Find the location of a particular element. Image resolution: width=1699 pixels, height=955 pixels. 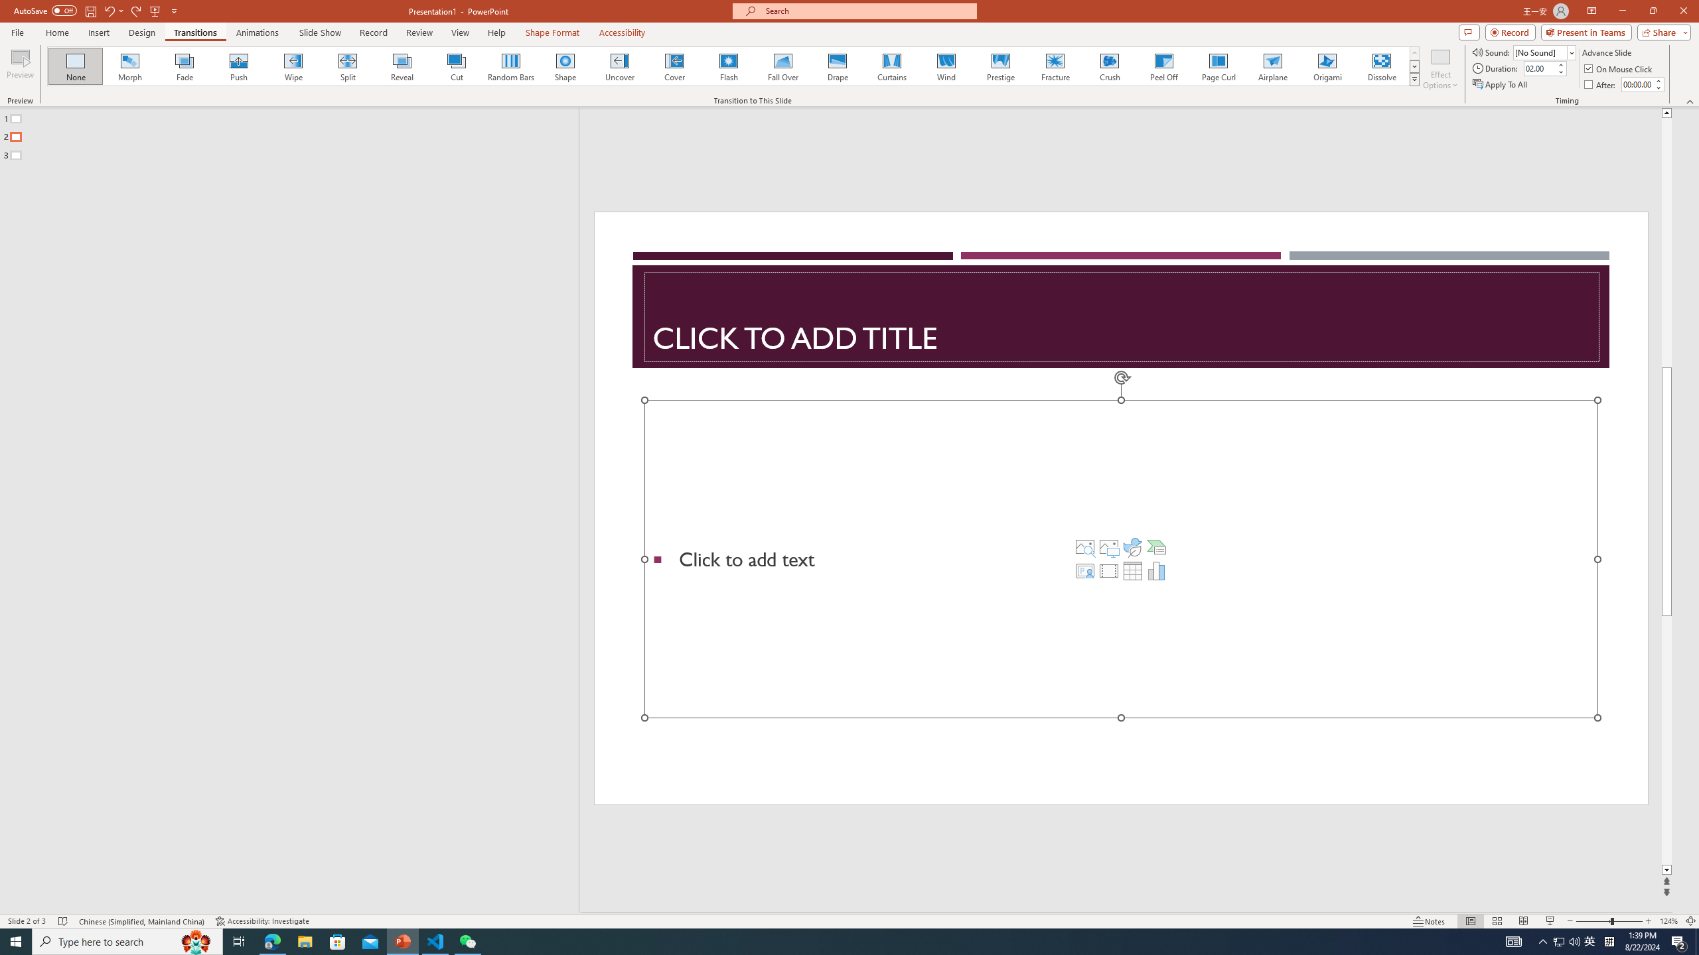

'Curtains' is located at coordinates (892, 66).